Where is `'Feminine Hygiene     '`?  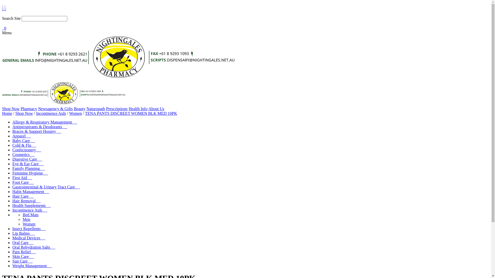
'Feminine Hygiene     ' is located at coordinates (30, 173).